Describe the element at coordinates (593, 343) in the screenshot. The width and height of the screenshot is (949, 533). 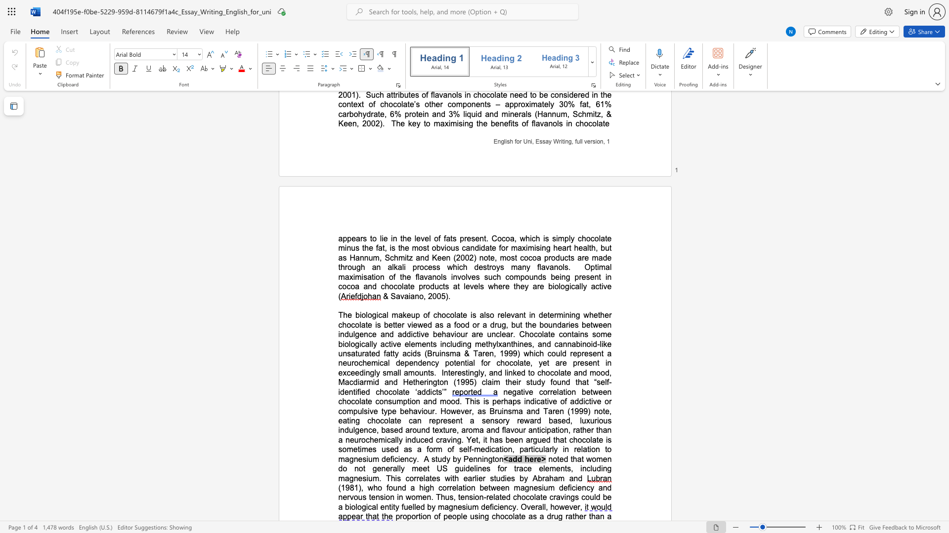
I see `the subset text "d-like unsaturated fatty aci" within the text "some biologically active elements including methylxanthines, and cannabinoid-like unsaturated fatty acids (Bruinsma & Taren, 1999) which could"` at that location.